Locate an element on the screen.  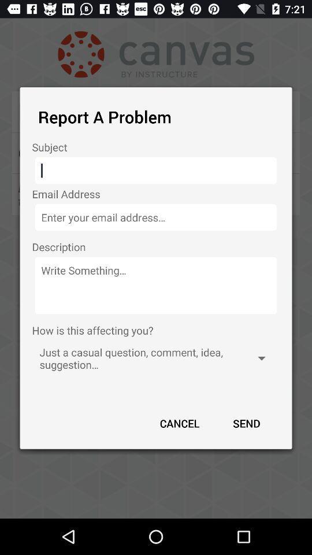
send is located at coordinates (246, 423).